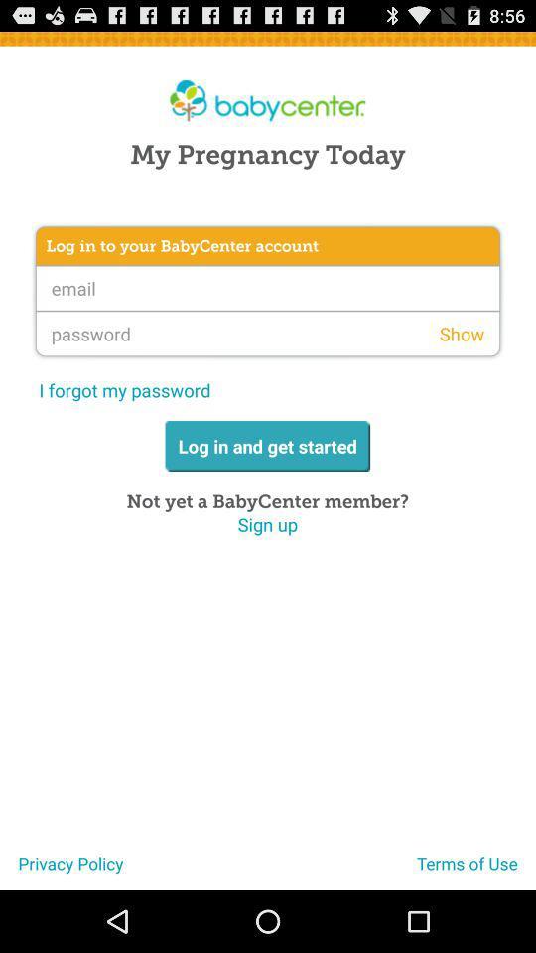  What do you see at coordinates (124, 389) in the screenshot?
I see `item on the left` at bounding box center [124, 389].